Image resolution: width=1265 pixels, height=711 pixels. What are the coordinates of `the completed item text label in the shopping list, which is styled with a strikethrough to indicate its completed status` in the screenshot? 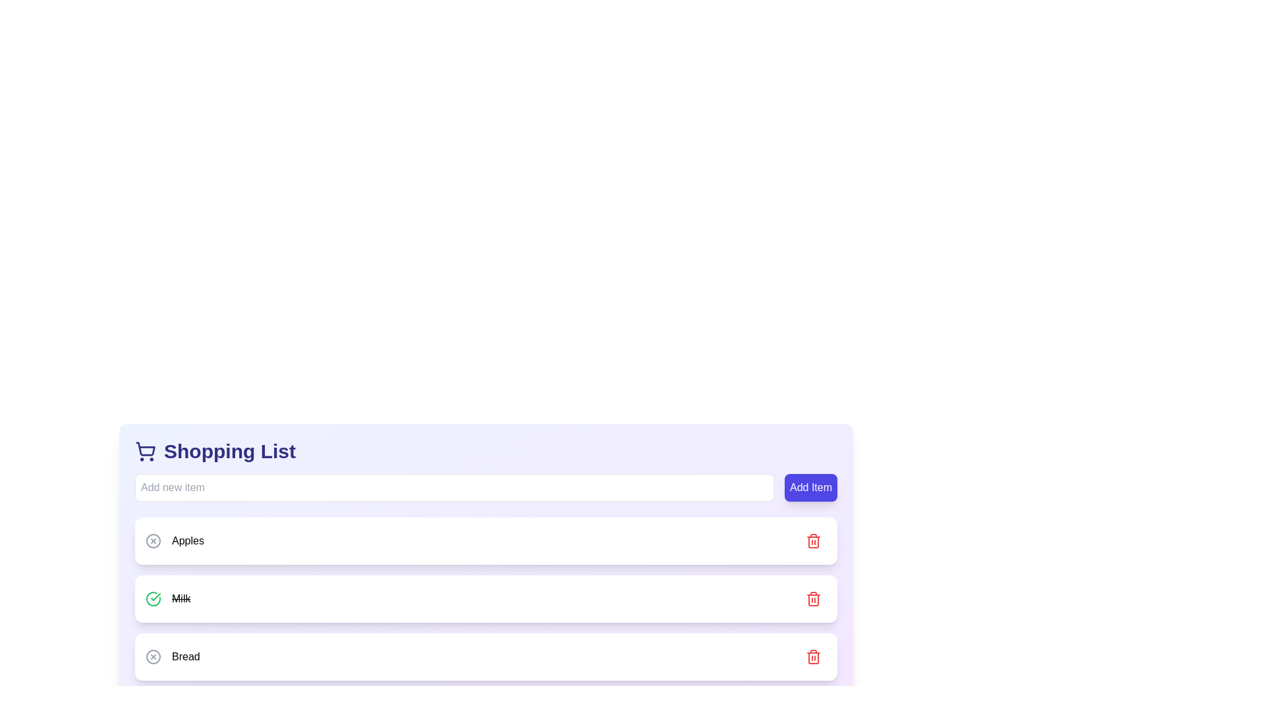 It's located at (167, 599).